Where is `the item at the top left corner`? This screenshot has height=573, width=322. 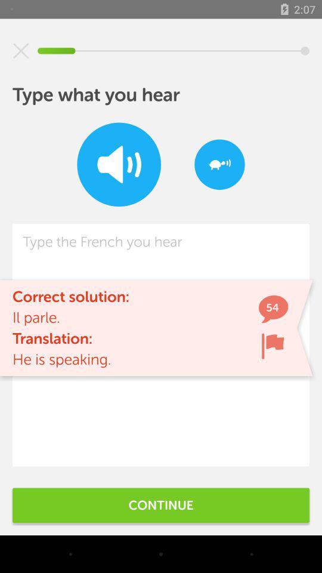 the item at the top left corner is located at coordinates (21, 51).